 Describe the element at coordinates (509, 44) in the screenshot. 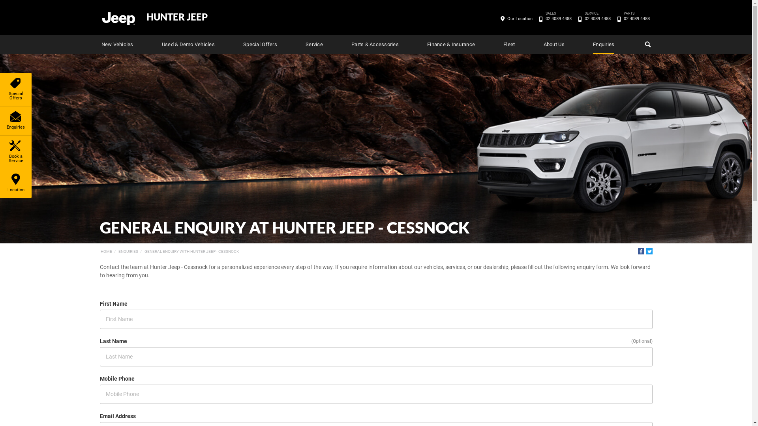

I see `'Fleet'` at that location.